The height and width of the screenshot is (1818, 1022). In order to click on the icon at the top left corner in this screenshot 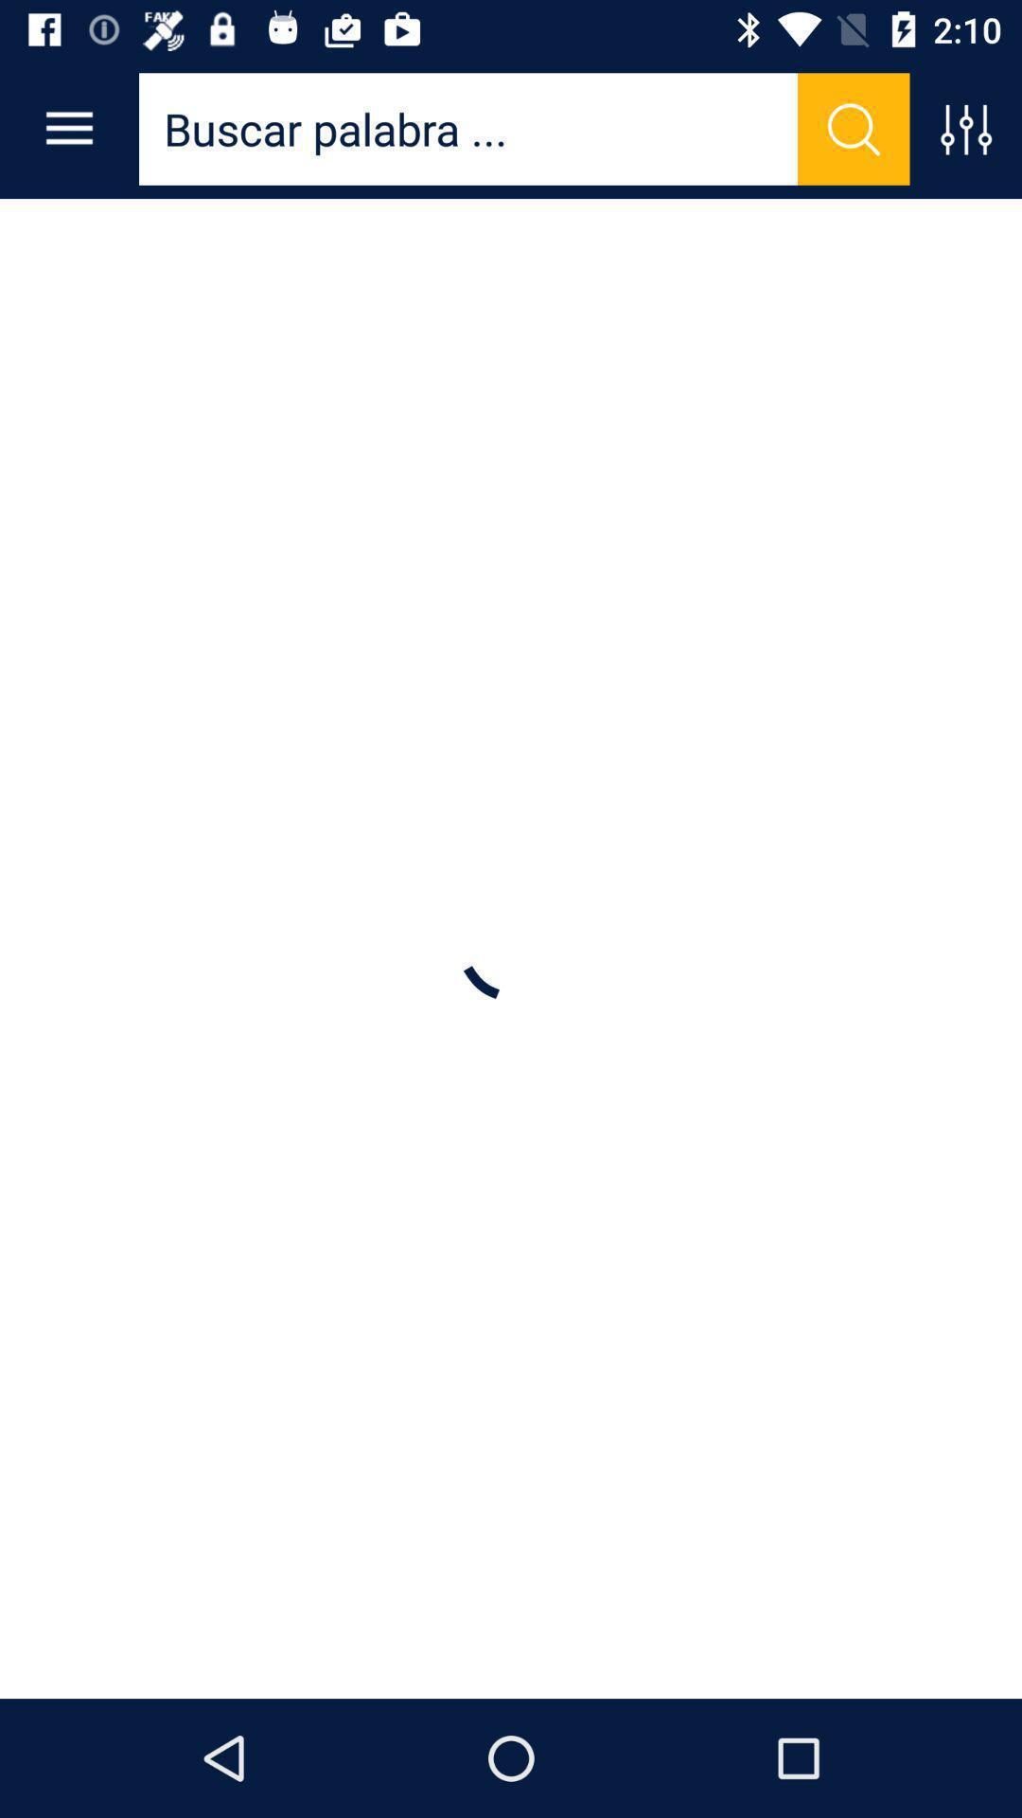, I will do `click(68, 128)`.